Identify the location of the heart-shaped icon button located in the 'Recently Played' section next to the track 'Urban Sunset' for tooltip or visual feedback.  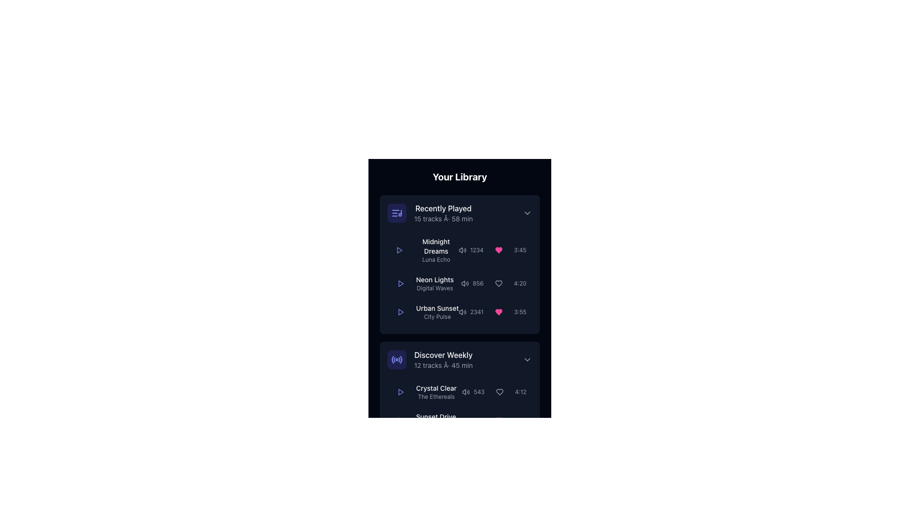
(499, 392).